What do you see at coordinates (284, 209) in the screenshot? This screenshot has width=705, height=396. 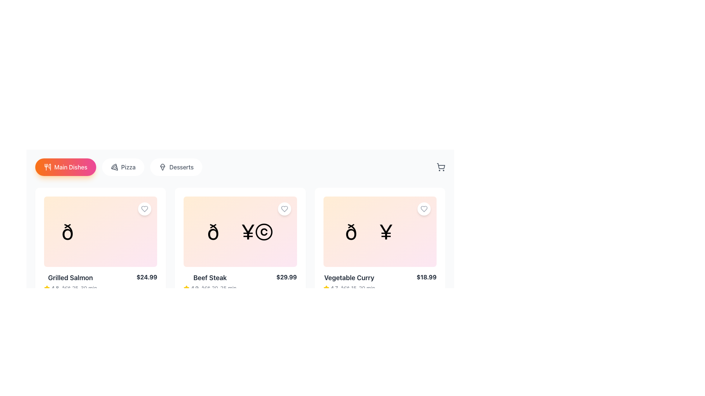 I see `the heart icon button in the top-right corner of the 'Beef Steak' card` at bounding box center [284, 209].